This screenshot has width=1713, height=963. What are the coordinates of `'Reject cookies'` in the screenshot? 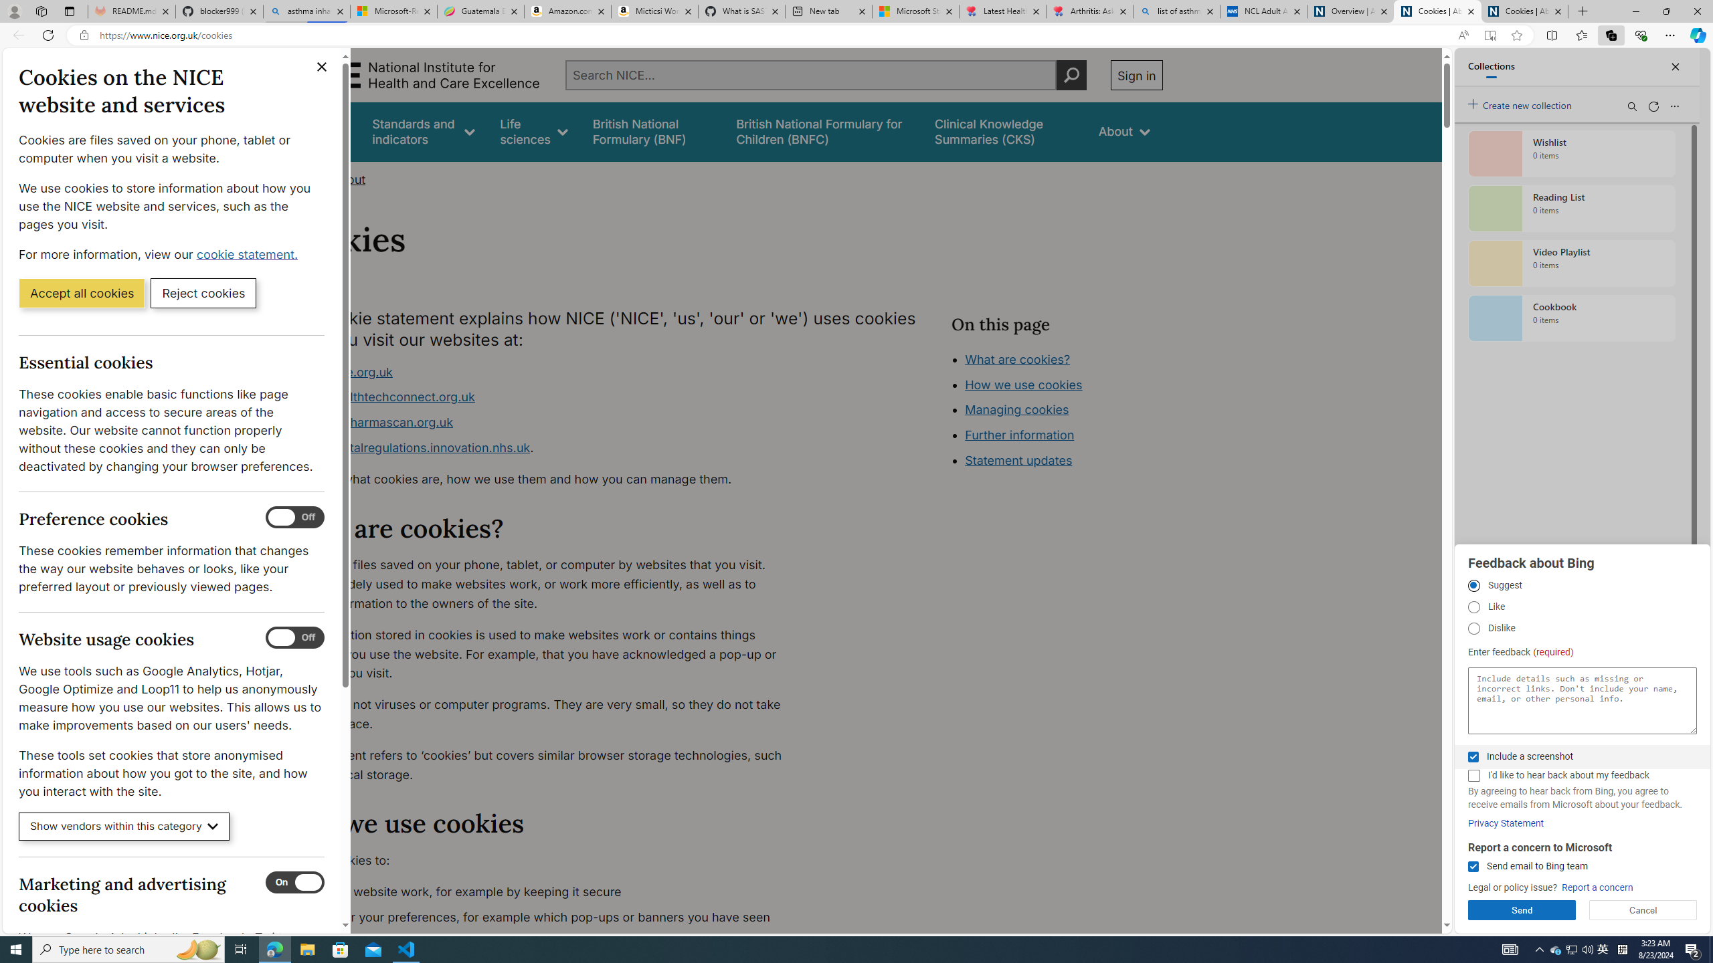 It's located at (203, 292).